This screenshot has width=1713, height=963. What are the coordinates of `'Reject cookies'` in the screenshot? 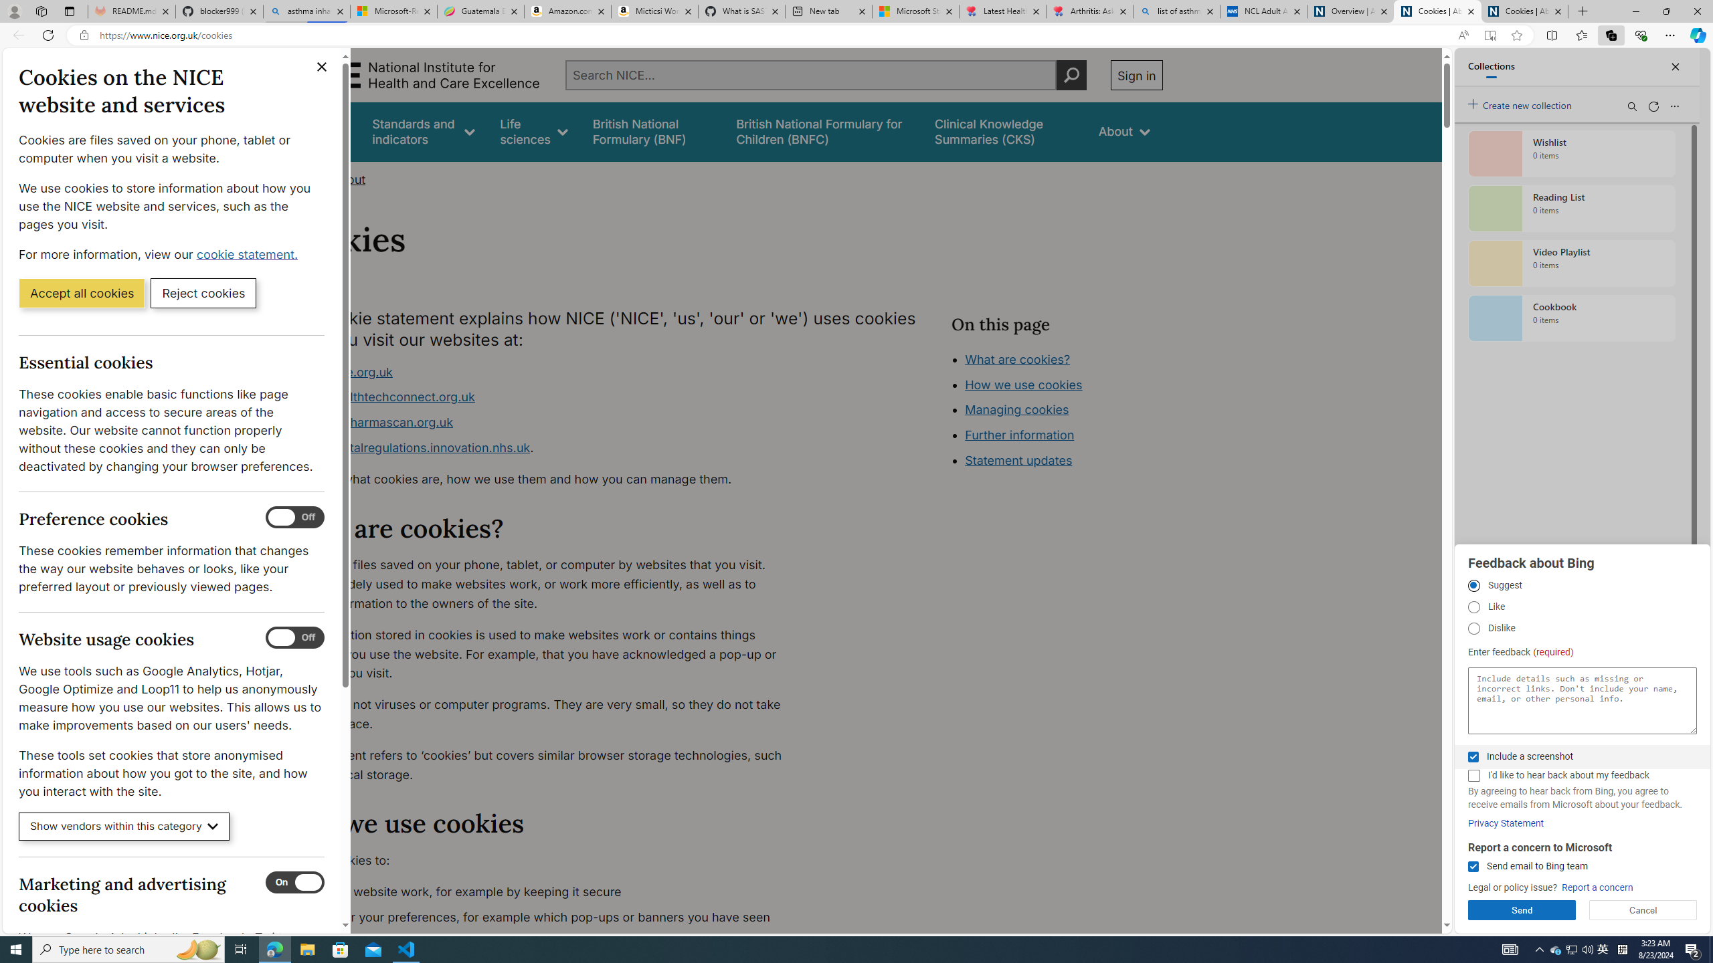 It's located at (203, 292).